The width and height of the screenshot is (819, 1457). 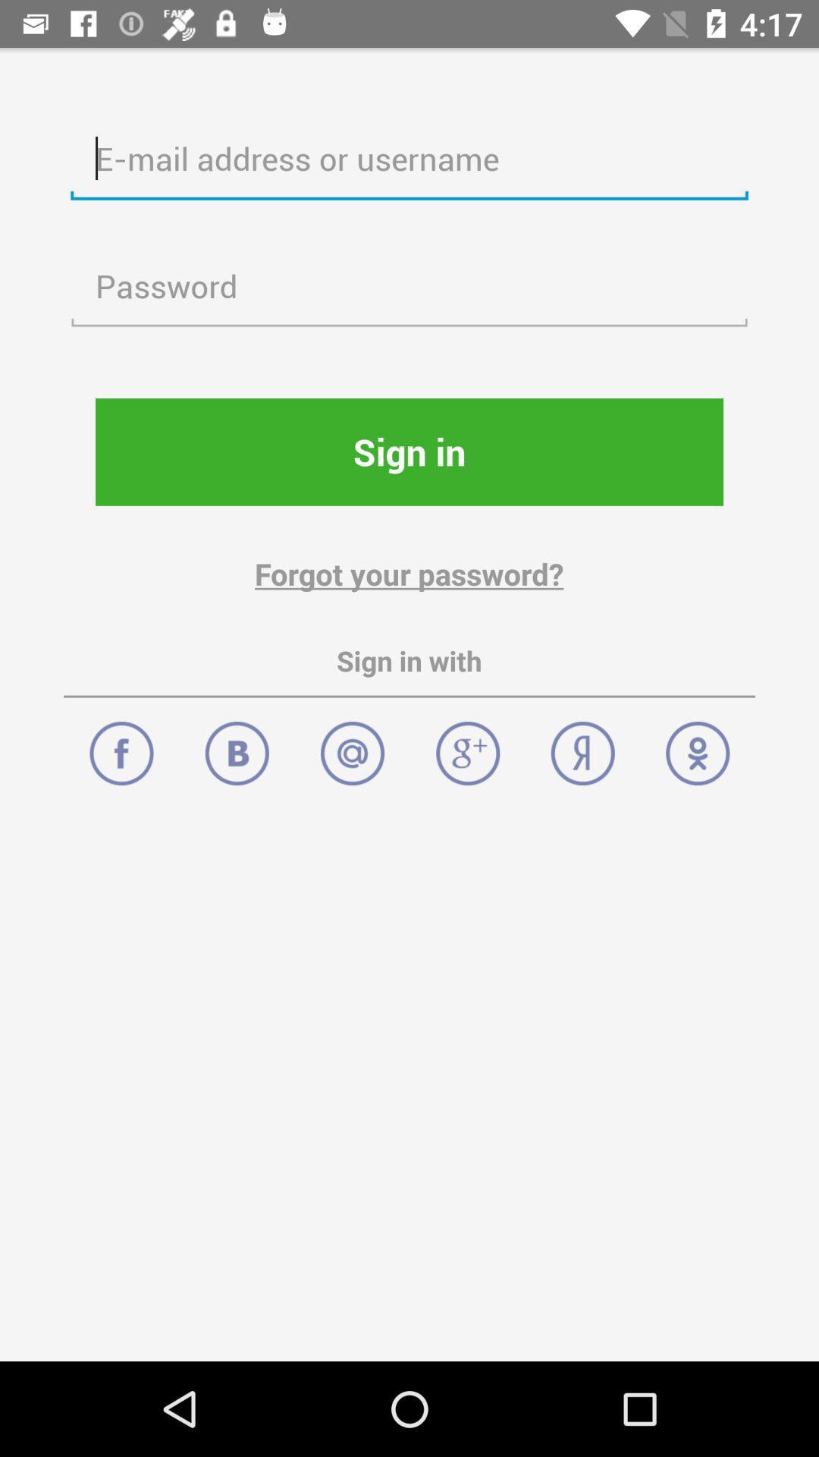 I want to click on the last social website option below sign in with text field, so click(x=698, y=745).